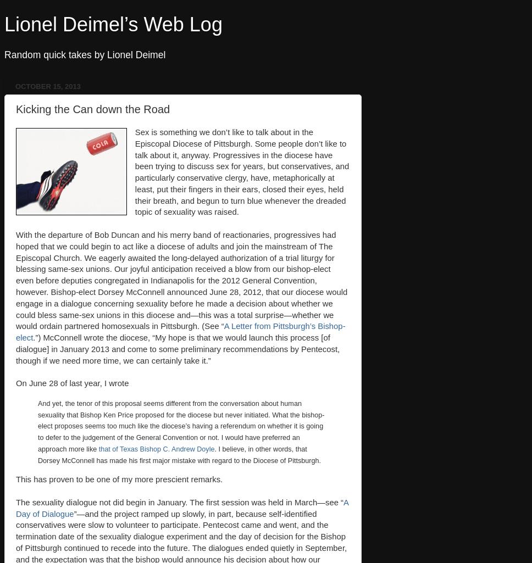 The height and width of the screenshot is (563, 532). I want to click on '. I believe, in other words, that Dorsey McConnell has made his first major mistake with regard to the Diocese of Pittsburgh.', so click(179, 454).